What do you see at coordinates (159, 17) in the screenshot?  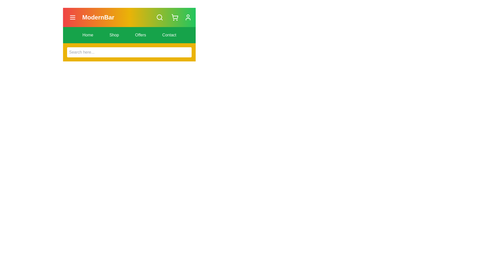 I see `search button to toggle the visibility of the search bar` at bounding box center [159, 17].